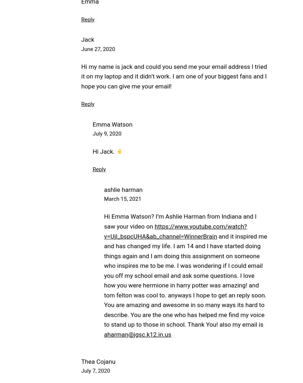  Describe the element at coordinates (103, 221) in the screenshot. I see `'Hi Emma Watson? I’m Ashlie Harman from Indiana and I saw your video on'` at that location.